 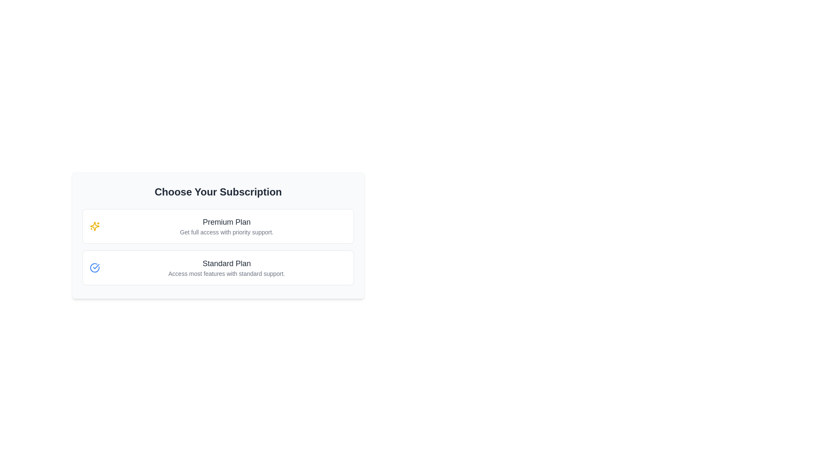 What do you see at coordinates (227, 263) in the screenshot?
I see `text label titled 'Standard Plan' located at the center of the subscription selection interface` at bounding box center [227, 263].